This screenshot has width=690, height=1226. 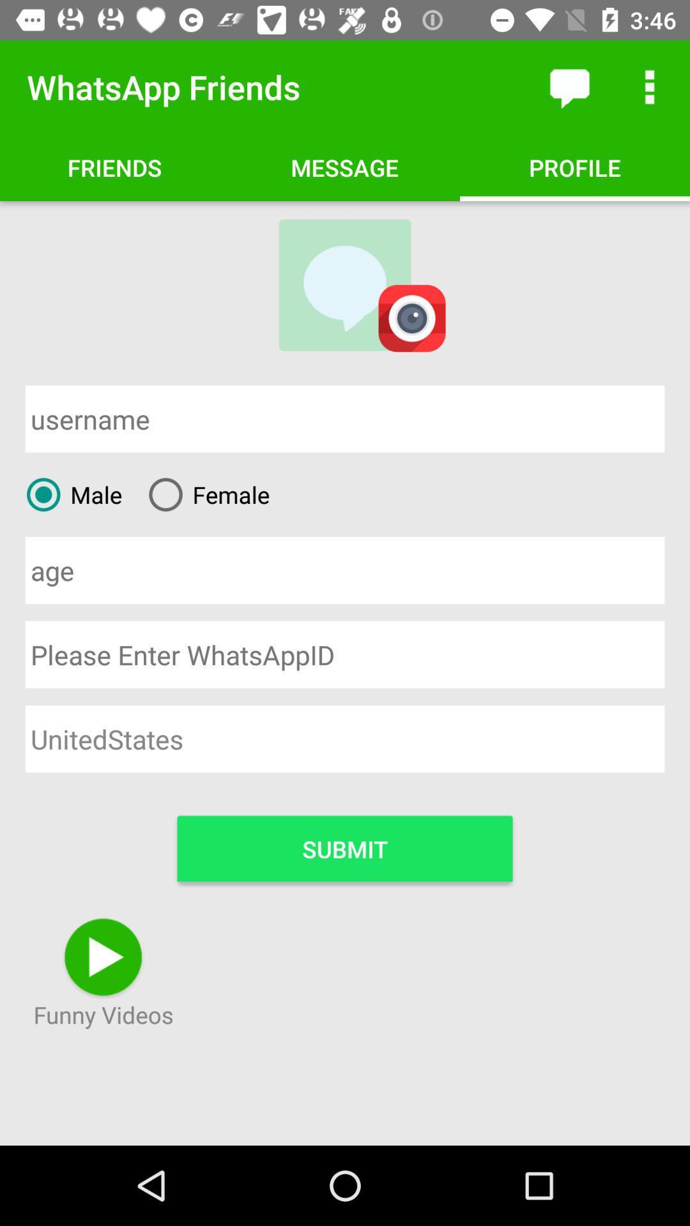 I want to click on icon above the submit, so click(x=345, y=739).